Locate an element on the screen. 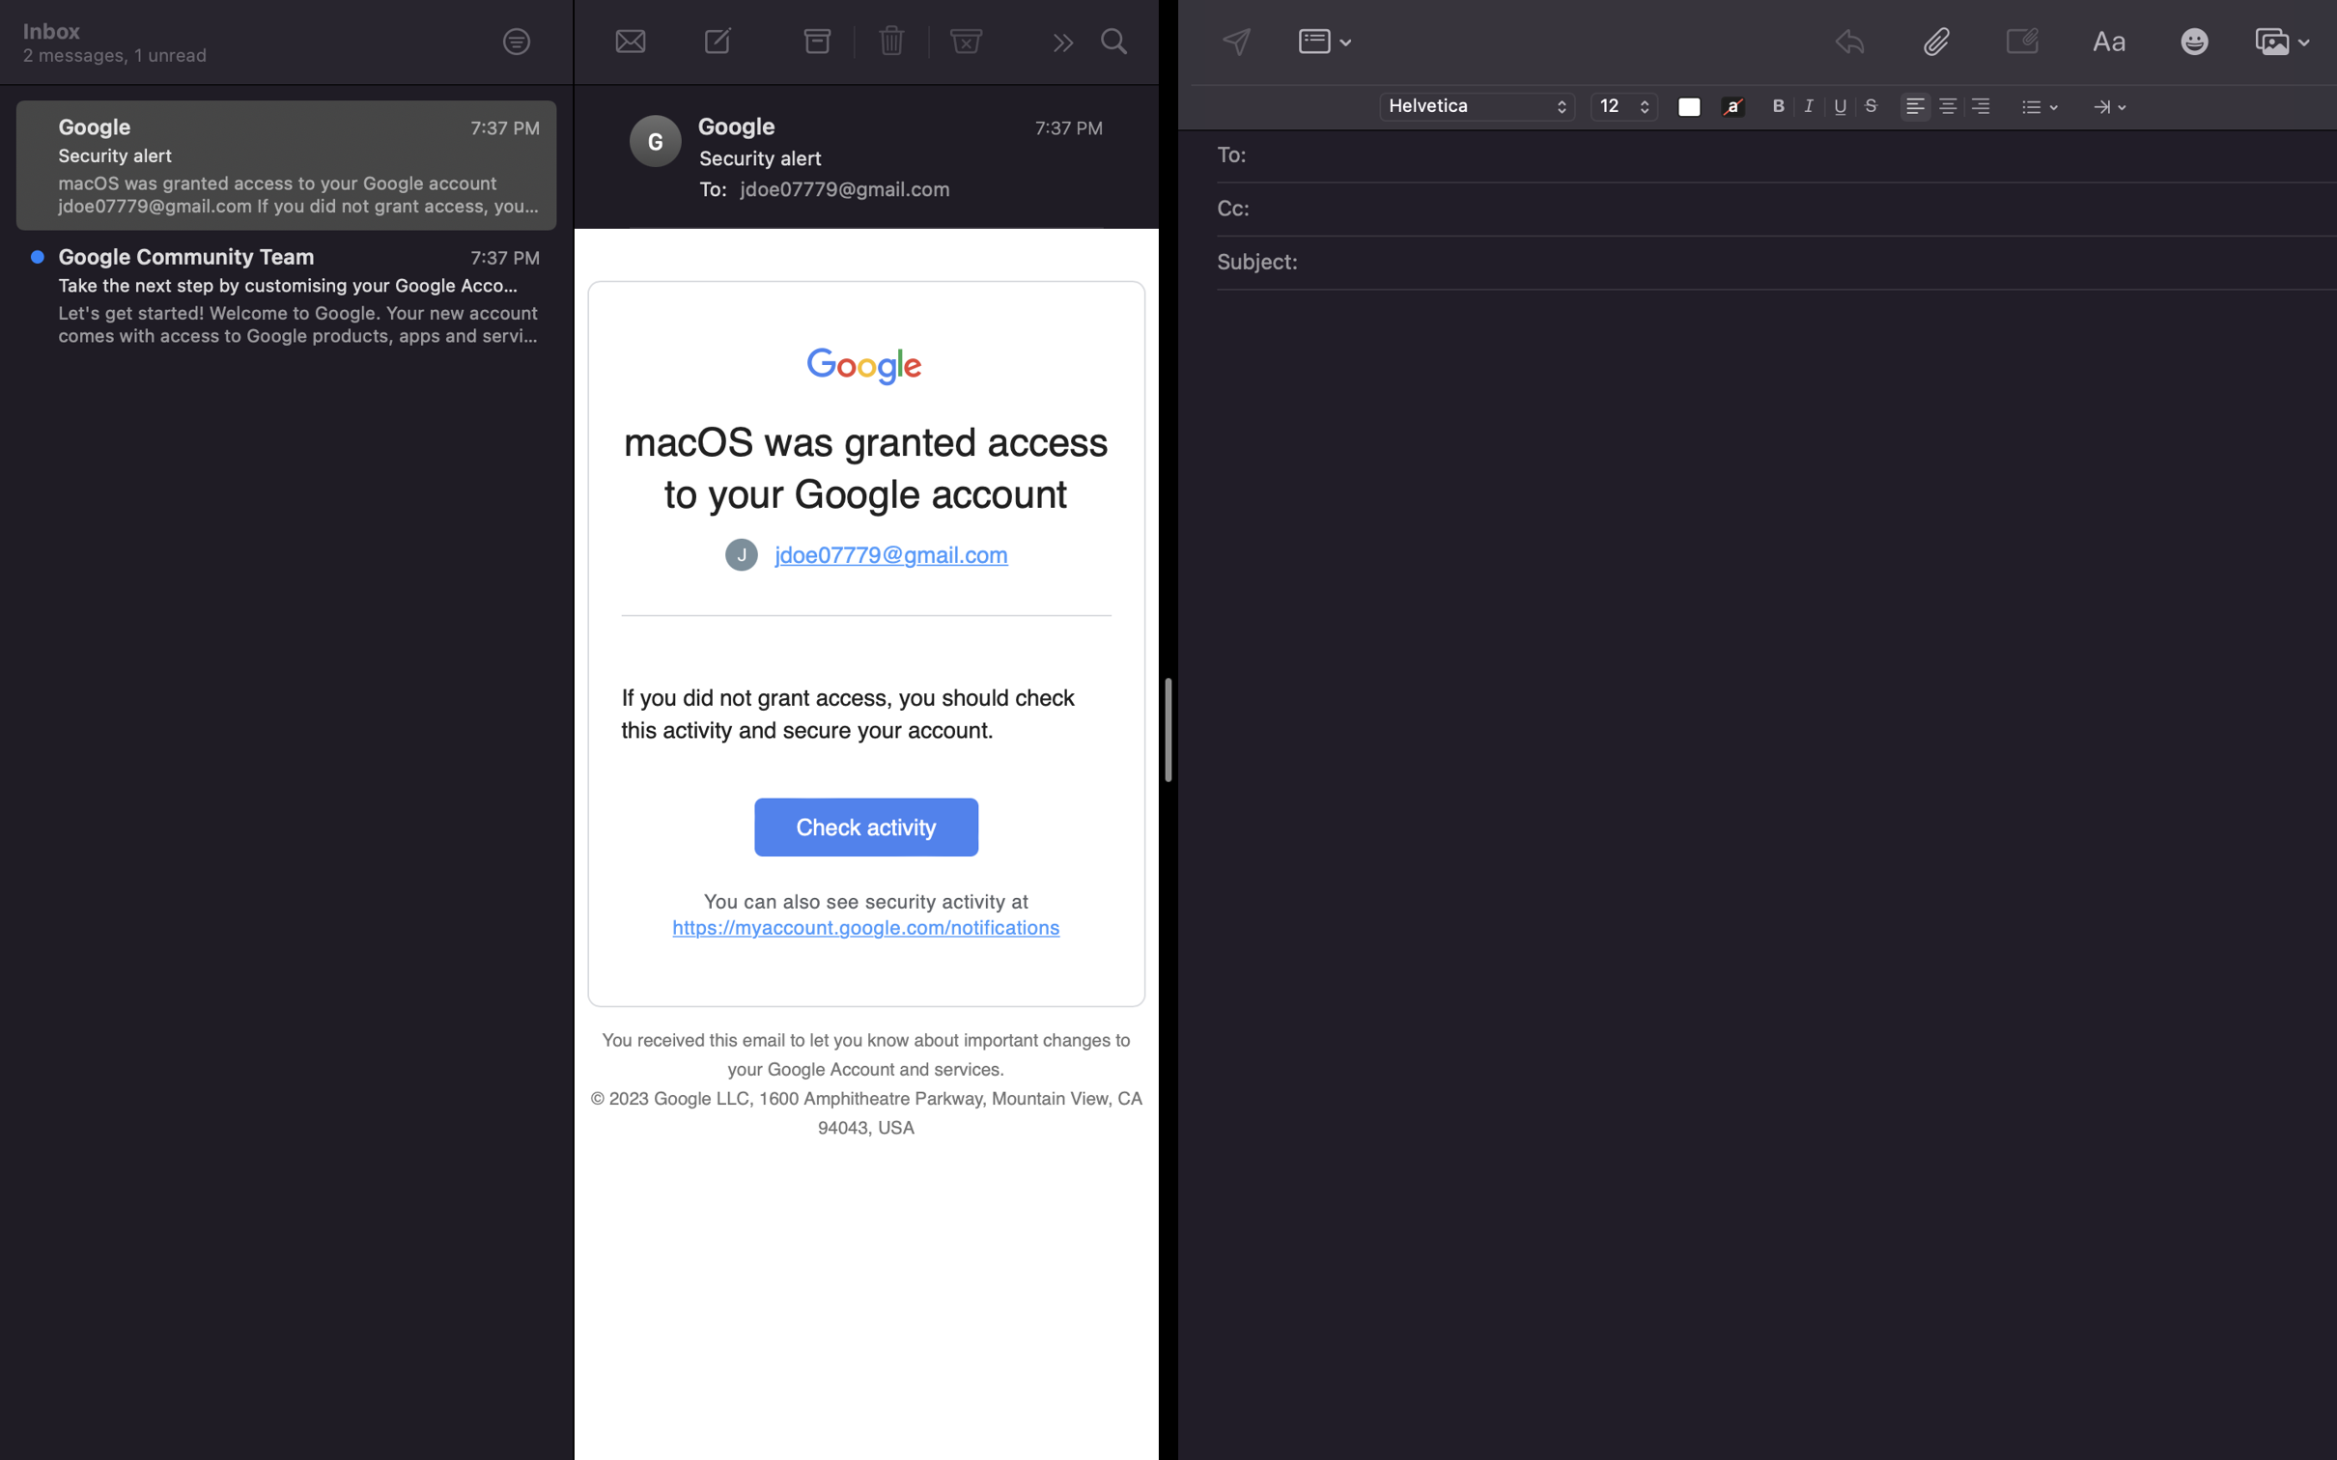 Image resolution: width=2337 pixels, height=1460 pixels. Put "jane@gmail.com" as the email recipient is located at coordinates (1790, 156).